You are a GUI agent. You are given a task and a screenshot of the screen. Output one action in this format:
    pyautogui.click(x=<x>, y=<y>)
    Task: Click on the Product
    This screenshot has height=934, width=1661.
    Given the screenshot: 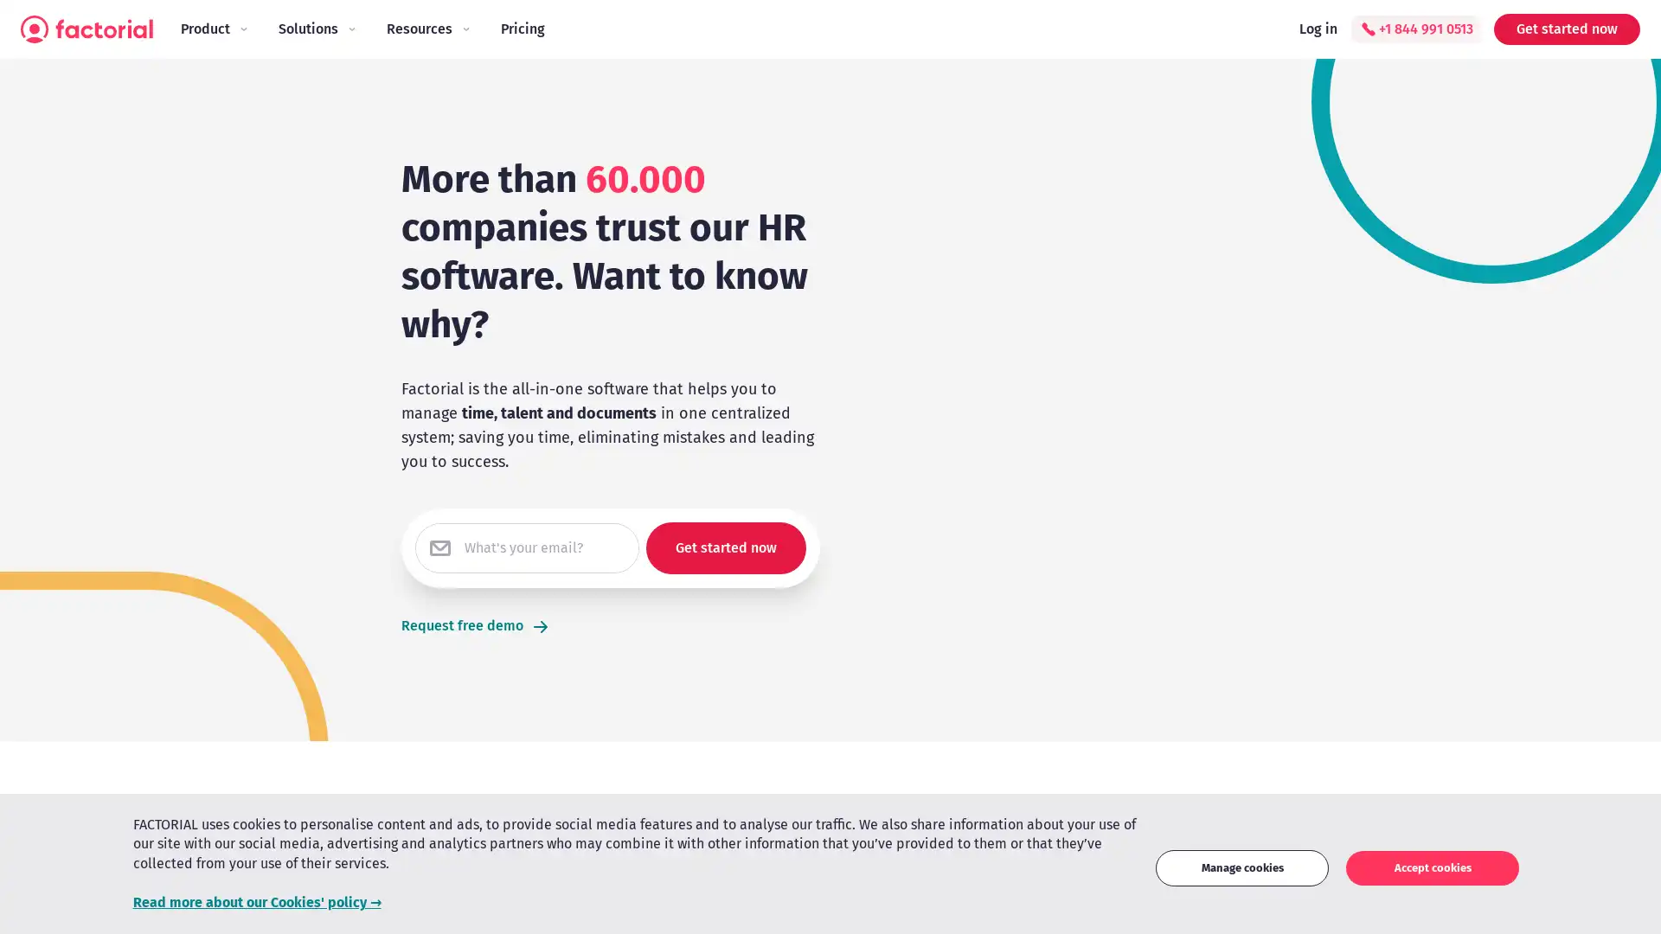 What is the action you would take?
    pyautogui.click(x=215, y=29)
    